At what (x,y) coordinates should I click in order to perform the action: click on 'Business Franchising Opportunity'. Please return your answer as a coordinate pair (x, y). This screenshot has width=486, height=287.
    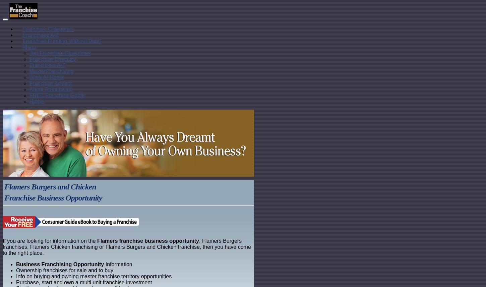
    Looking at the image, I should click on (59, 264).